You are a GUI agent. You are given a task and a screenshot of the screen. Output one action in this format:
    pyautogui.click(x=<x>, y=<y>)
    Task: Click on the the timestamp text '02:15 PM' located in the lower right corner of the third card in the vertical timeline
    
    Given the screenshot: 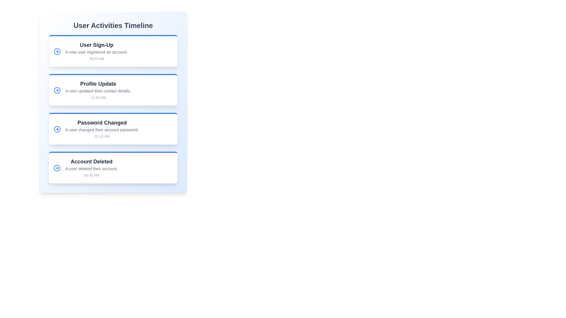 What is the action you would take?
    pyautogui.click(x=102, y=136)
    